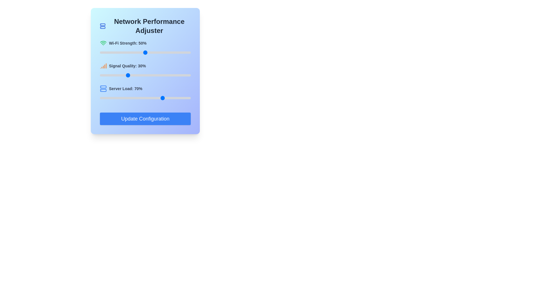 The height and width of the screenshot is (307, 545). What do you see at coordinates (189, 98) in the screenshot?
I see `the Server Load slider` at bounding box center [189, 98].